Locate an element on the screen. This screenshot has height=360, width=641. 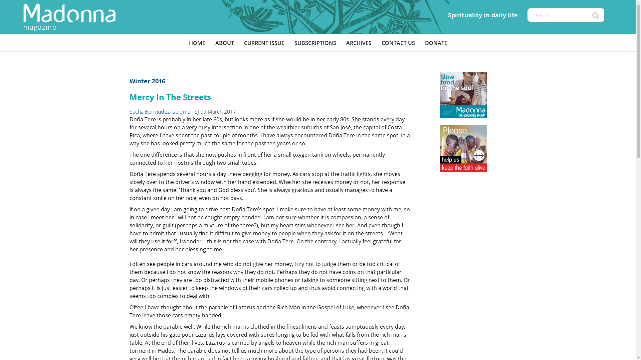
'HOME' is located at coordinates (196, 43).